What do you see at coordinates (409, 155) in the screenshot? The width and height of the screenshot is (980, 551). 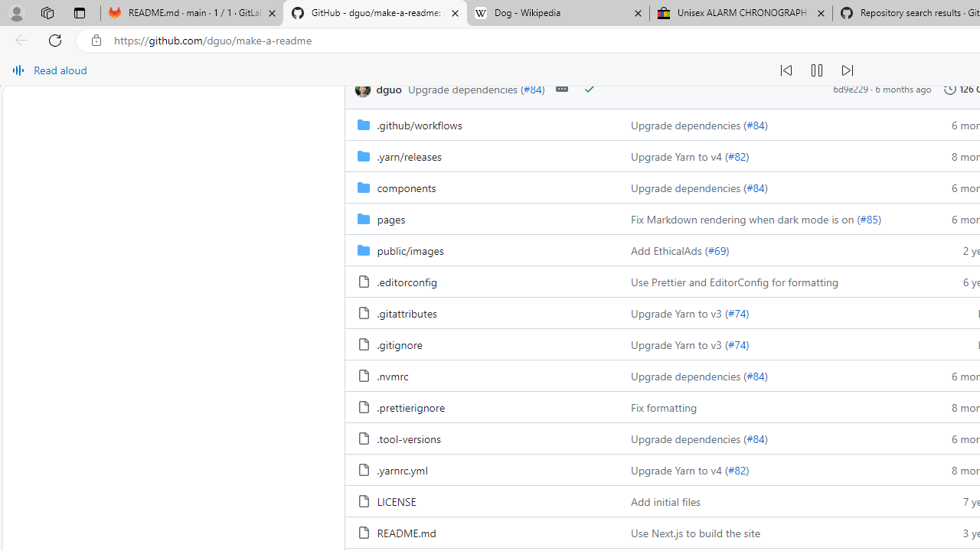 I see `'.yarn/releases, (Directory)'` at bounding box center [409, 155].